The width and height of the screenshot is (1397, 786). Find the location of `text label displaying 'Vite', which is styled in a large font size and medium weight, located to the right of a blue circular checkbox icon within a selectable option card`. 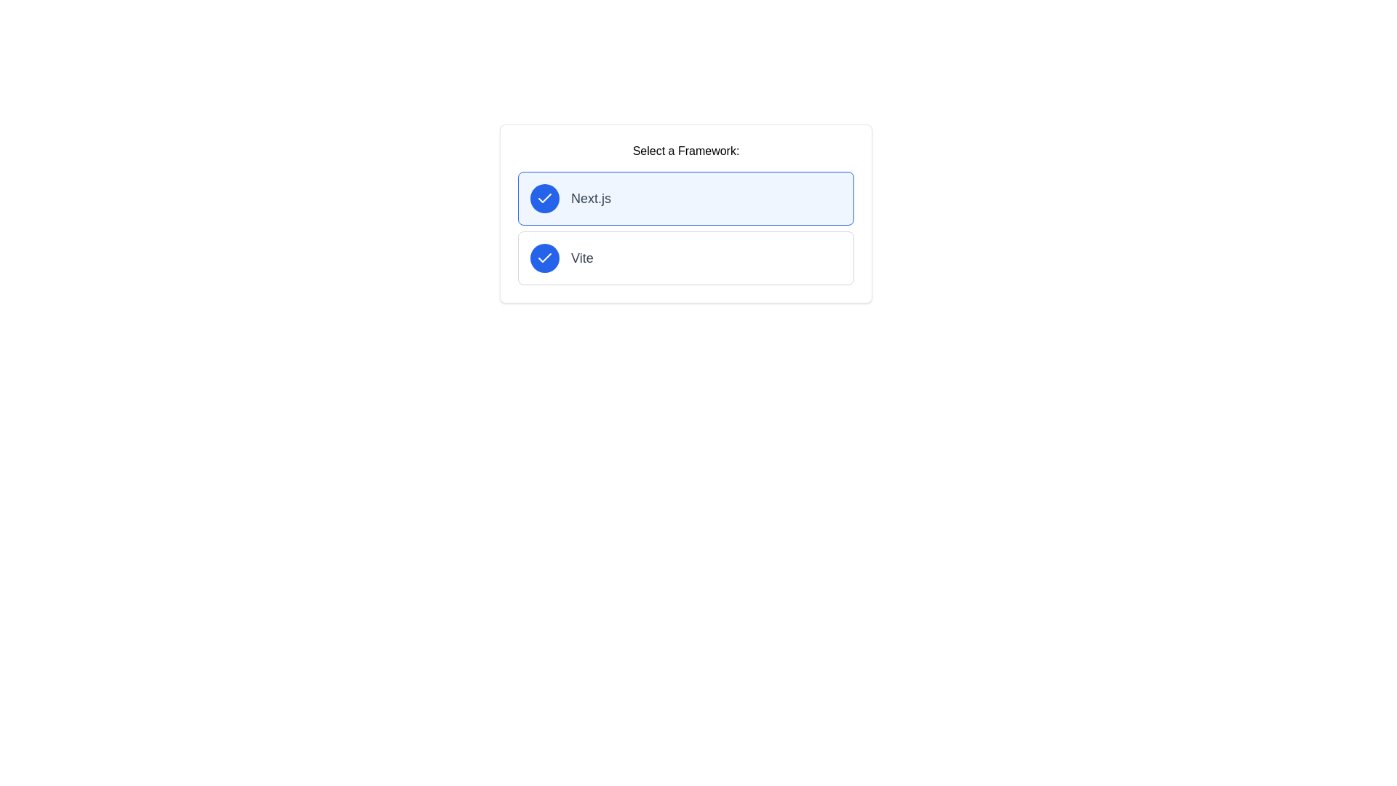

text label displaying 'Vite', which is styled in a large font size and medium weight, located to the right of a blue circular checkbox icon within a selectable option card is located at coordinates (582, 257).